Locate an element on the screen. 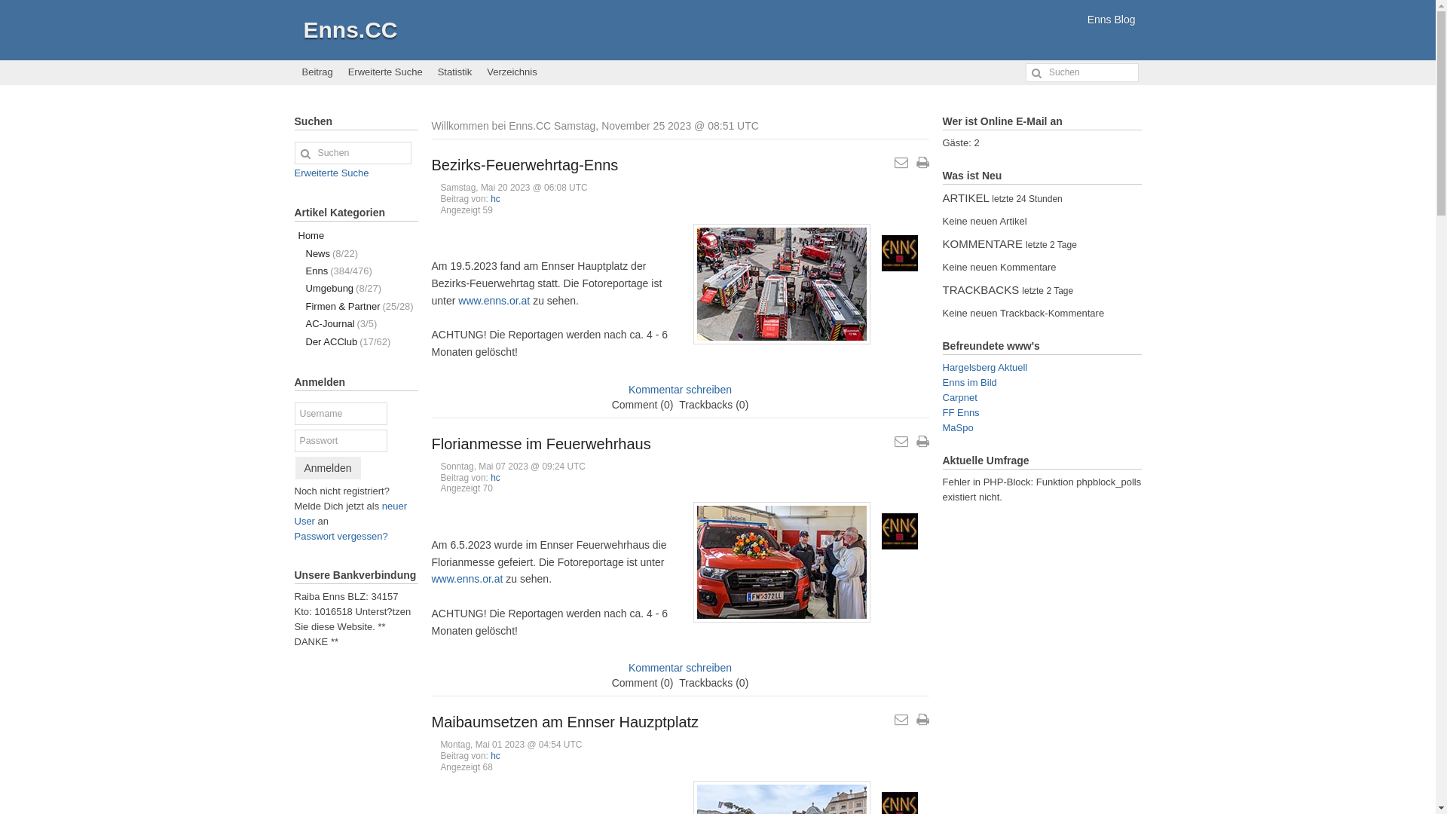 This screenshot has height=814, width=1447. 'Beitrag' is located at coordinates (316, 72).